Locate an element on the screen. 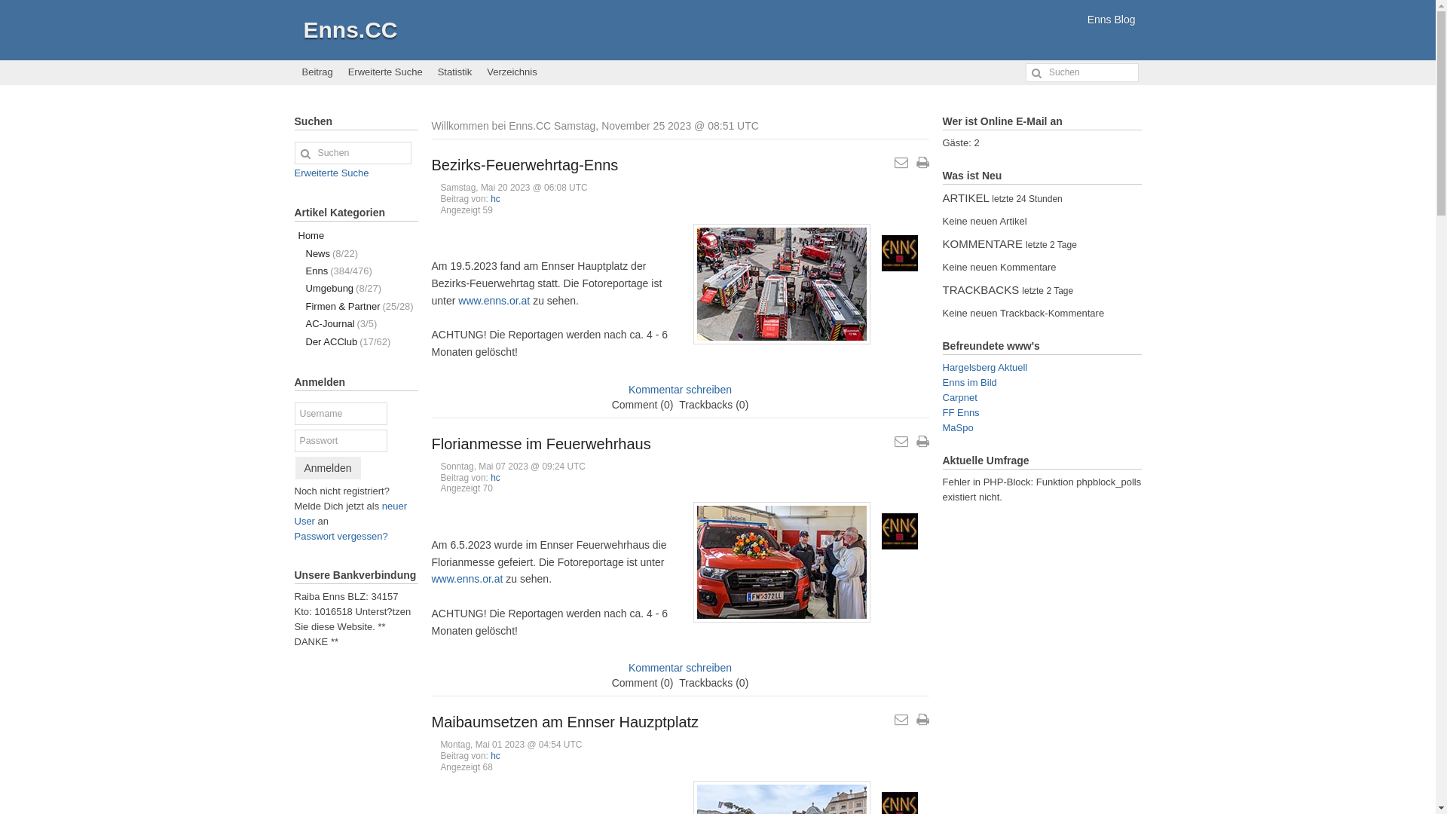 This screenshot has height=814, width=1447. 'Beitrag' is located at coordinates (316, 72).